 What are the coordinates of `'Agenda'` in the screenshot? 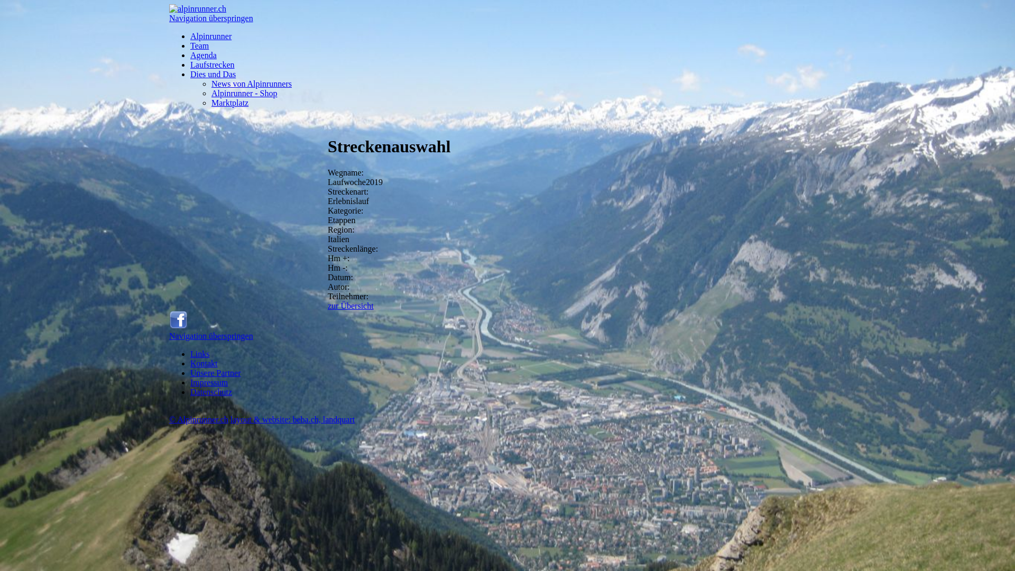 It's located at (203, 55).